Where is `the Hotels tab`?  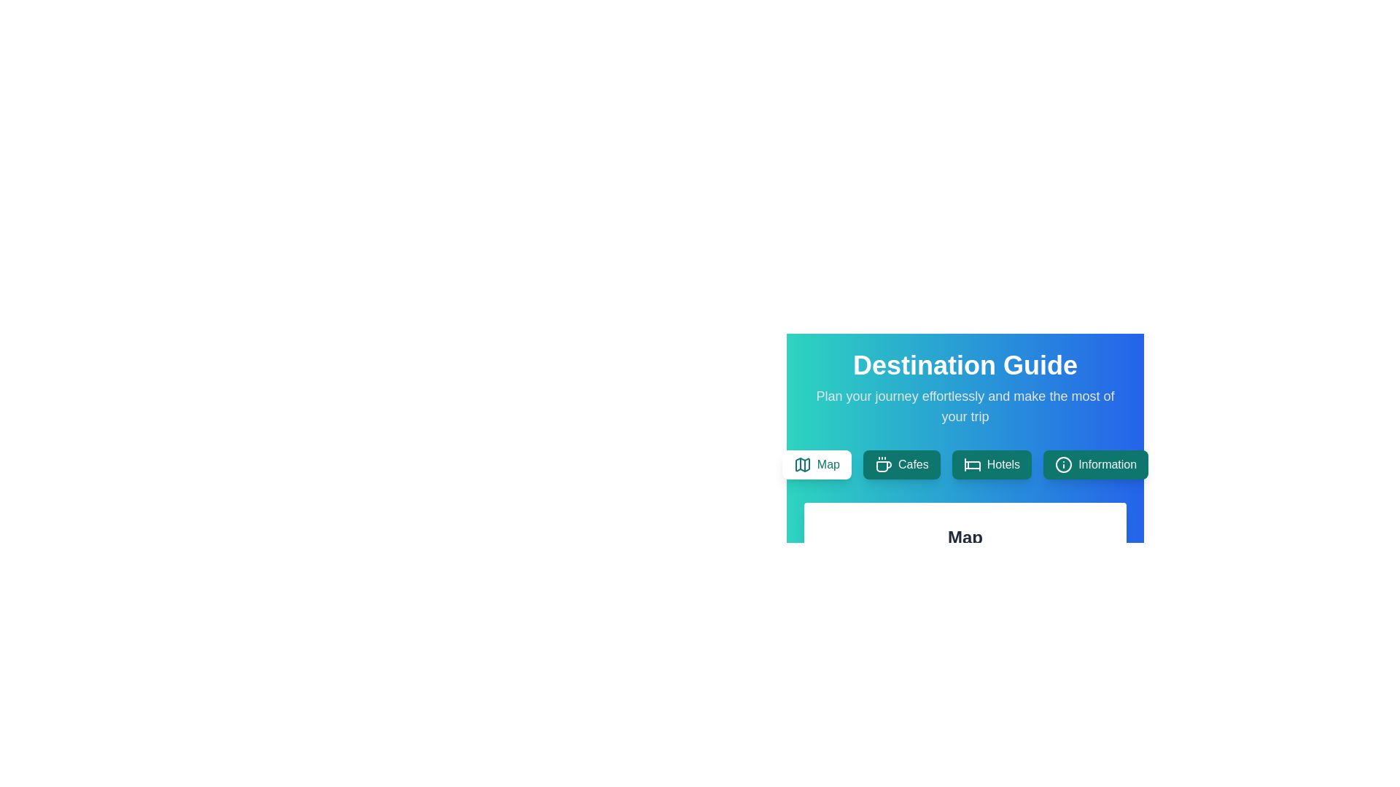 the Hotels tab is located at coordinates (992, 464).